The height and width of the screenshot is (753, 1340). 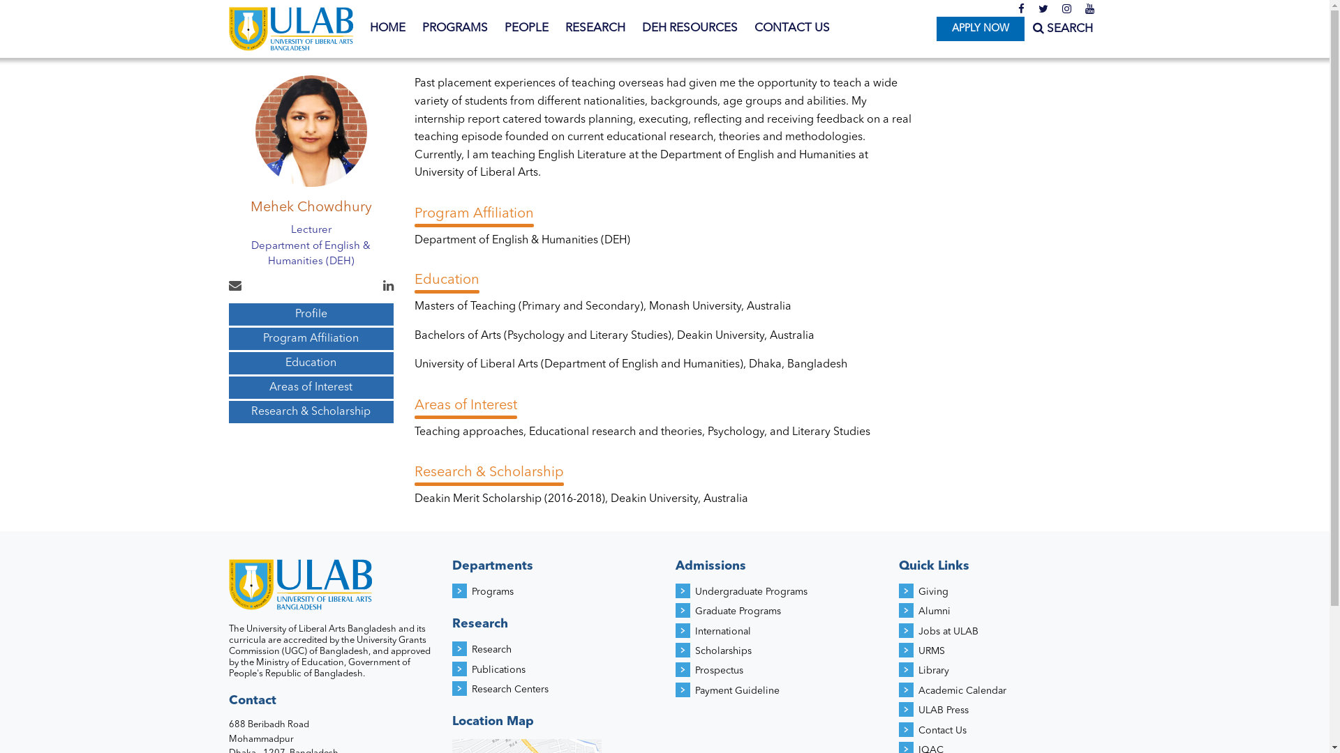 What do you see at coordinates (56, 0) in the screenshot?
I see `'Skip to main content'` at bounding box center [56, 0].